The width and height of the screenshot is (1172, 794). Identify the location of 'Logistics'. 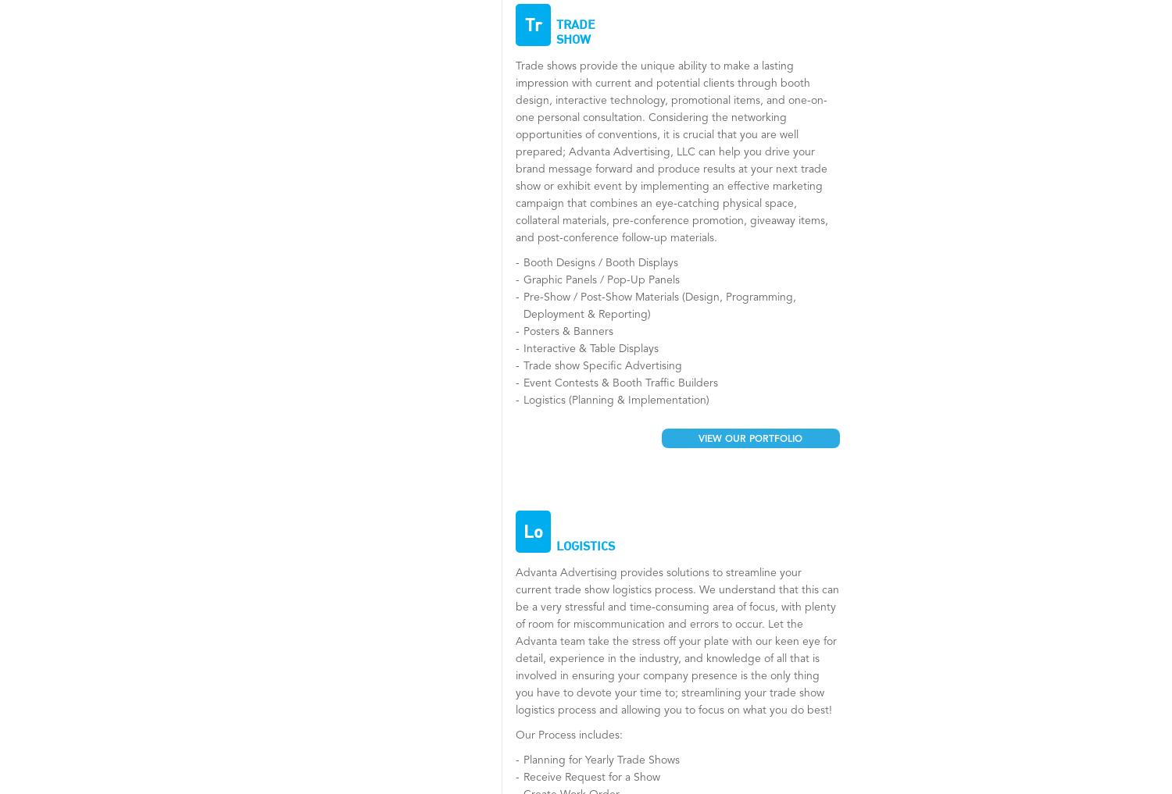
(584, 544).